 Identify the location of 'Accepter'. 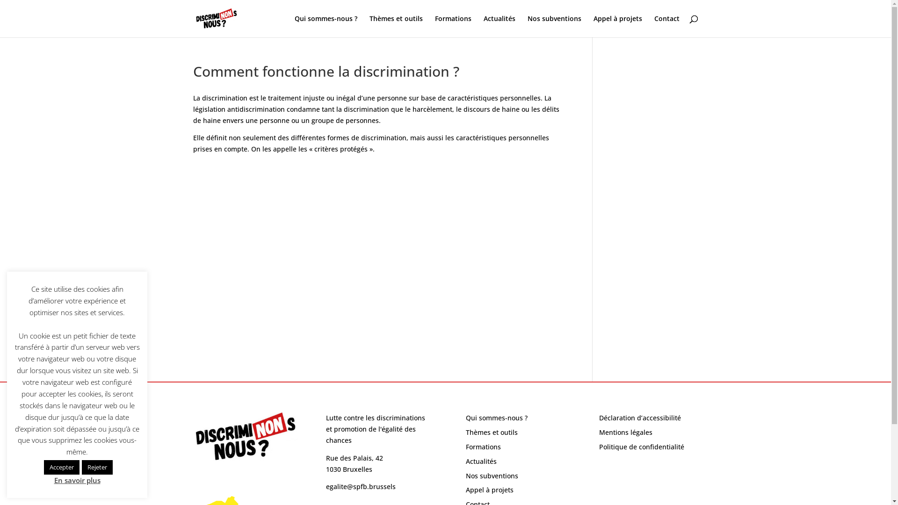
(61, 467).